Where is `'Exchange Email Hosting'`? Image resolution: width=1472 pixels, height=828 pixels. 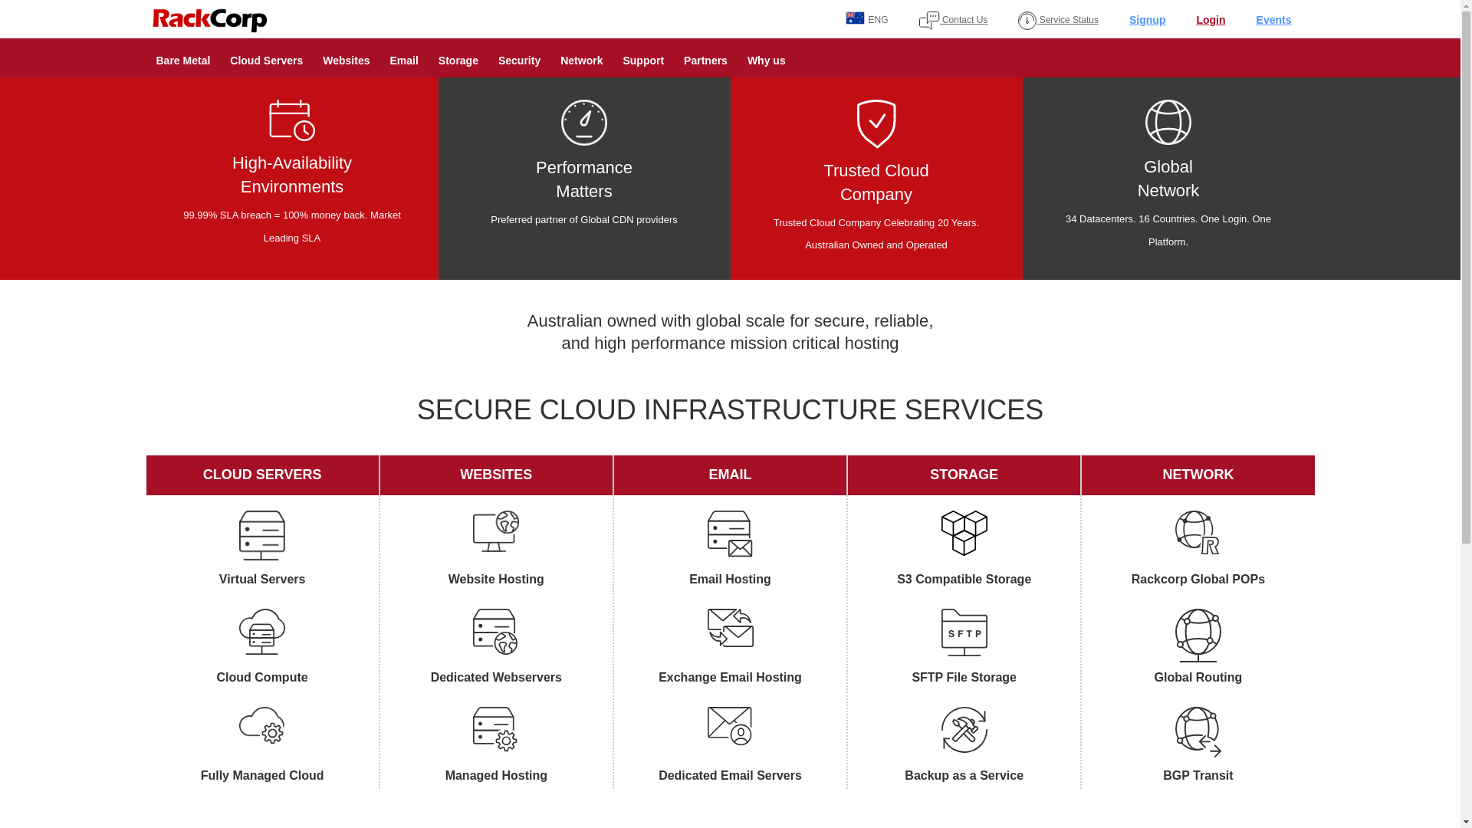 'Exchange Email Hosting' is located at coordinates (729, 646).